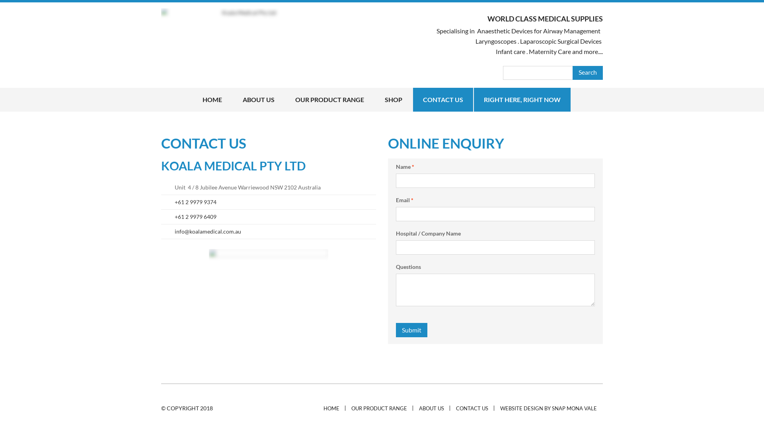 The height and width of the screenshot is (429, 764). I want to click on '+61 2 9979 9374', so click(195, 201).